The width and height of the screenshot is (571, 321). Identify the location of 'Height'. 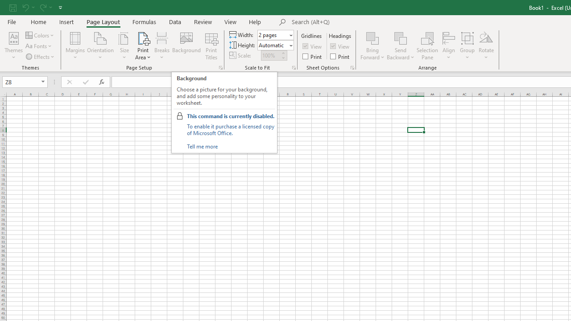
(275, 45).